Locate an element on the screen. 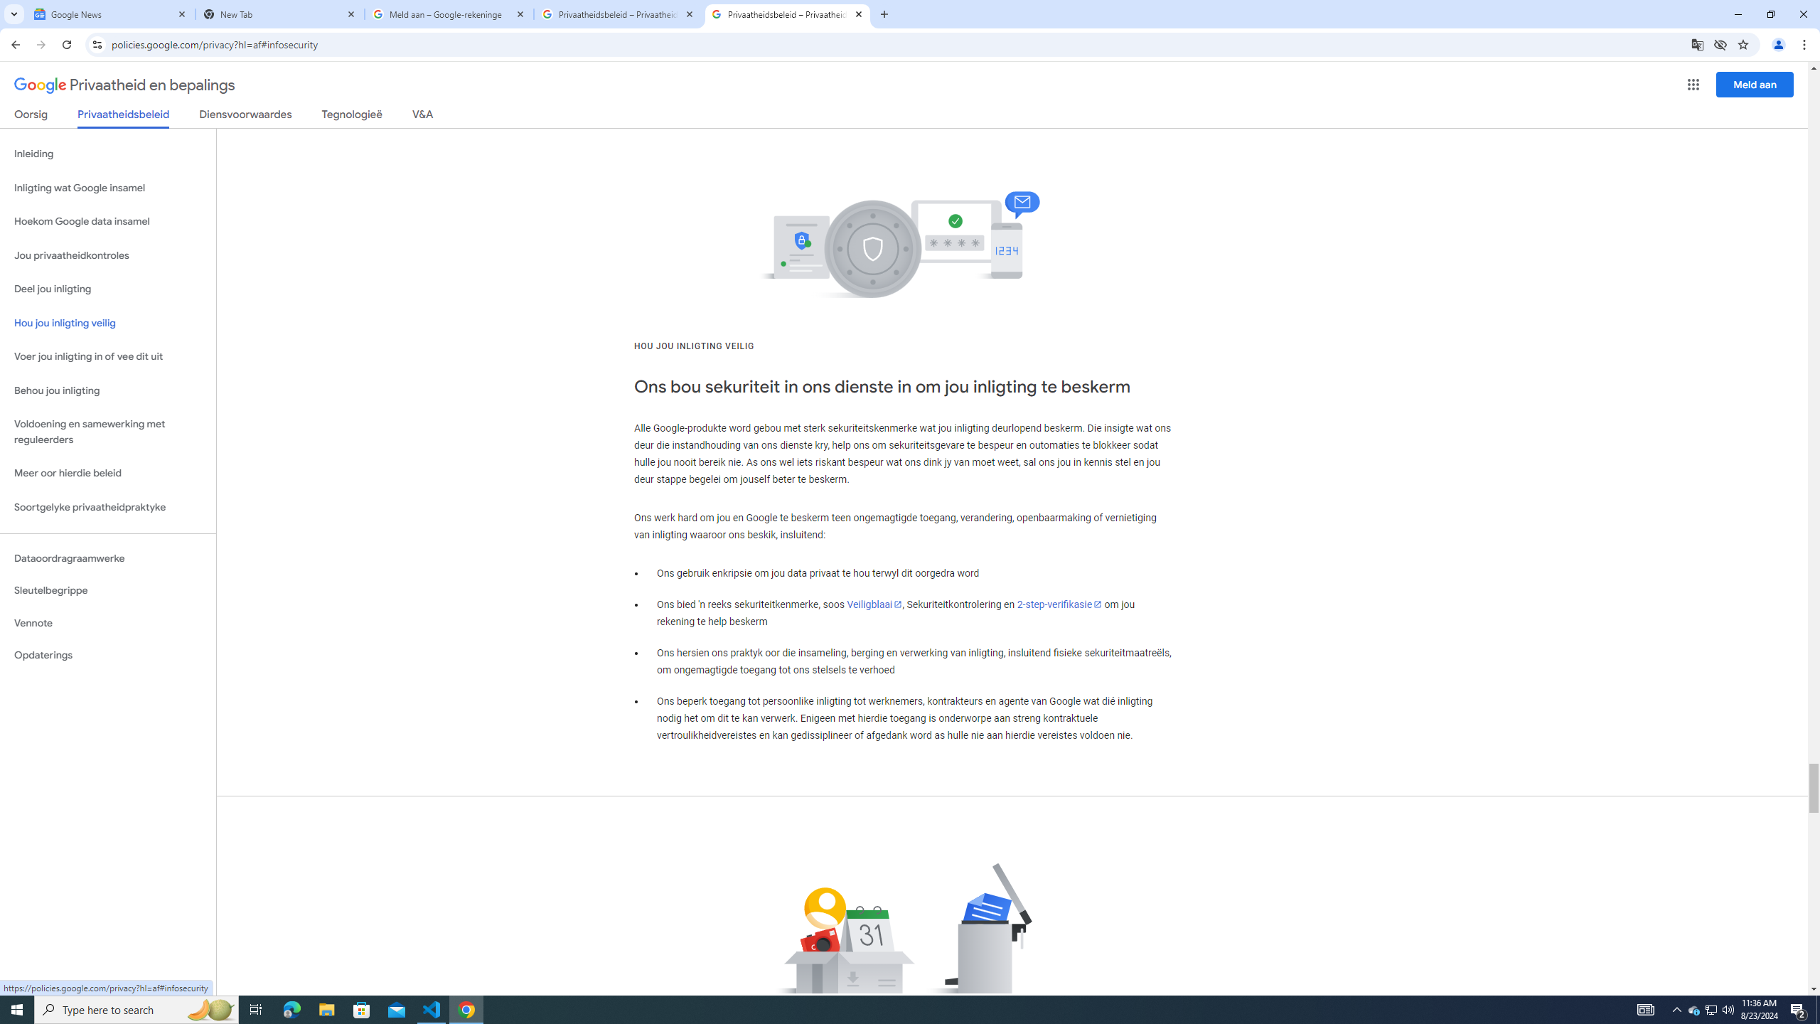 The width and height of the screenshot is (1820, 1024). 'Hoekom Google data insamel' is located at coordinates (107, 220).